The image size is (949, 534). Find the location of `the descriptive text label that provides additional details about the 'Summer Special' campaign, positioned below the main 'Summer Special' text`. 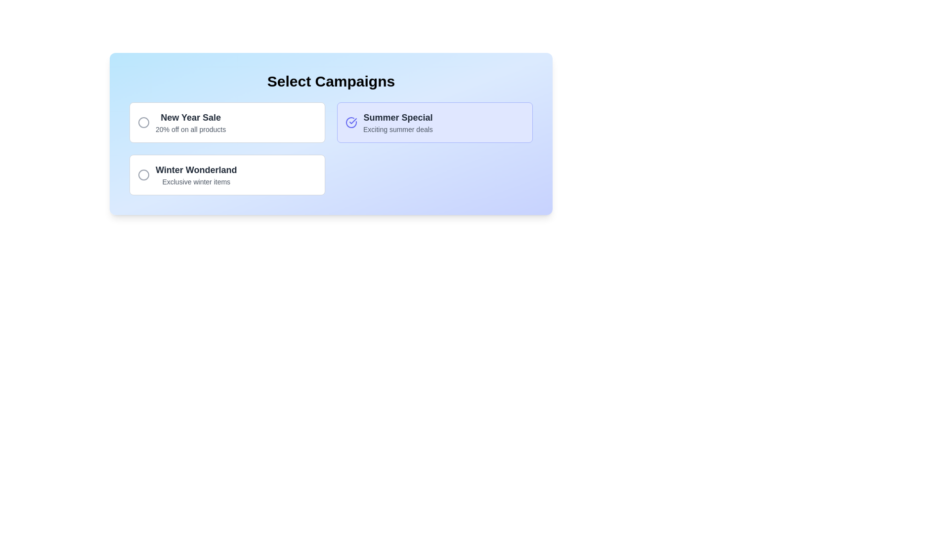

the descriptive text label that provides additional details about the 'Summer Special' campaign, positioned below the main 'Summer Special' text is located at coordinates (398, 129).